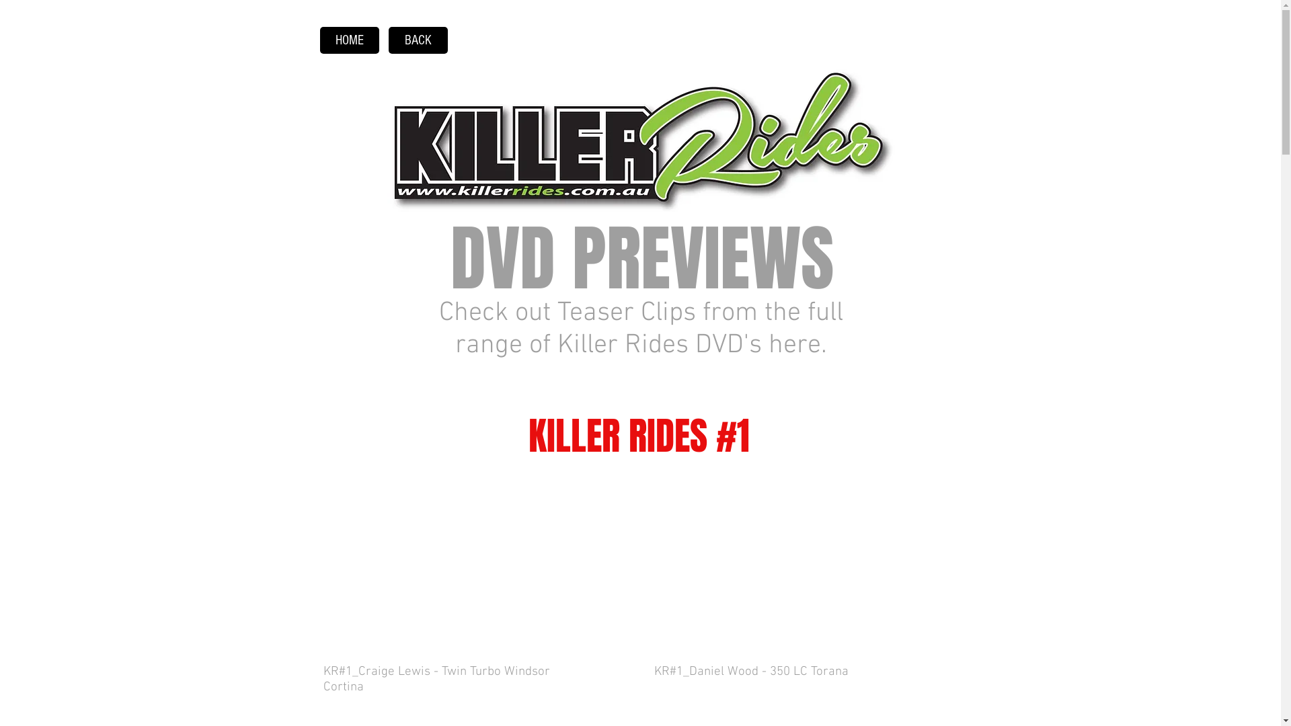 This screenshot has height=726, width=1291. Describe the element at coordinates (418, 40) in the screenshot. I see `'BACK'` at that location.